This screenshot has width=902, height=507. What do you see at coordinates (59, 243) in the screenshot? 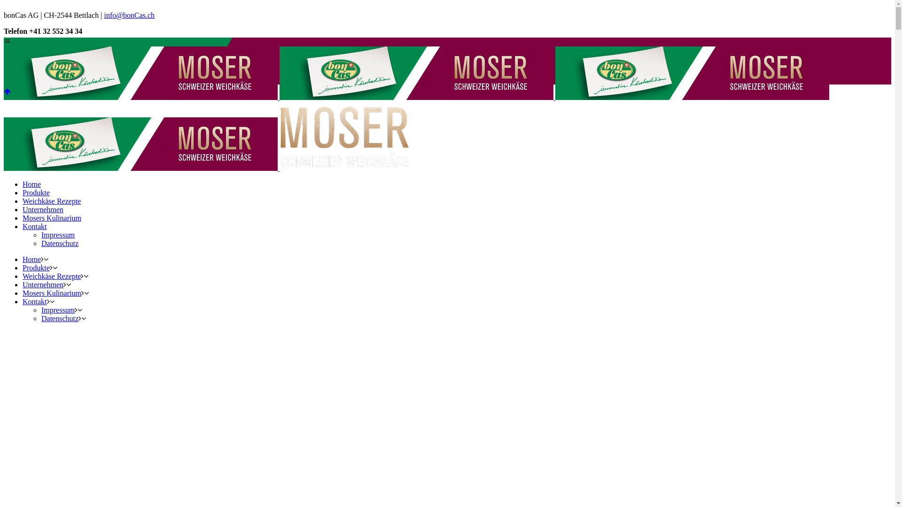
I see `'Datenschutz'` at bounding box center [59, 243].